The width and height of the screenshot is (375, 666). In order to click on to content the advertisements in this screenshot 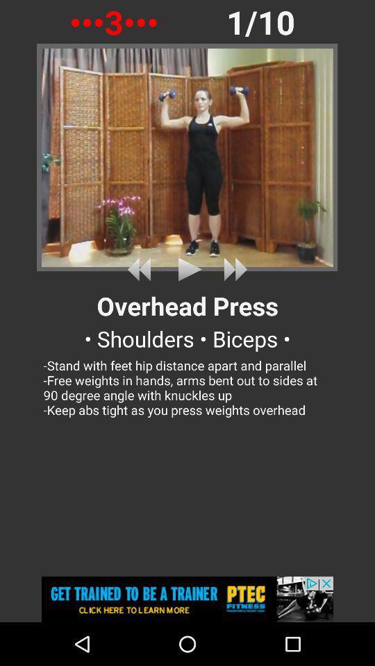, I will do `click(187, 599)`.